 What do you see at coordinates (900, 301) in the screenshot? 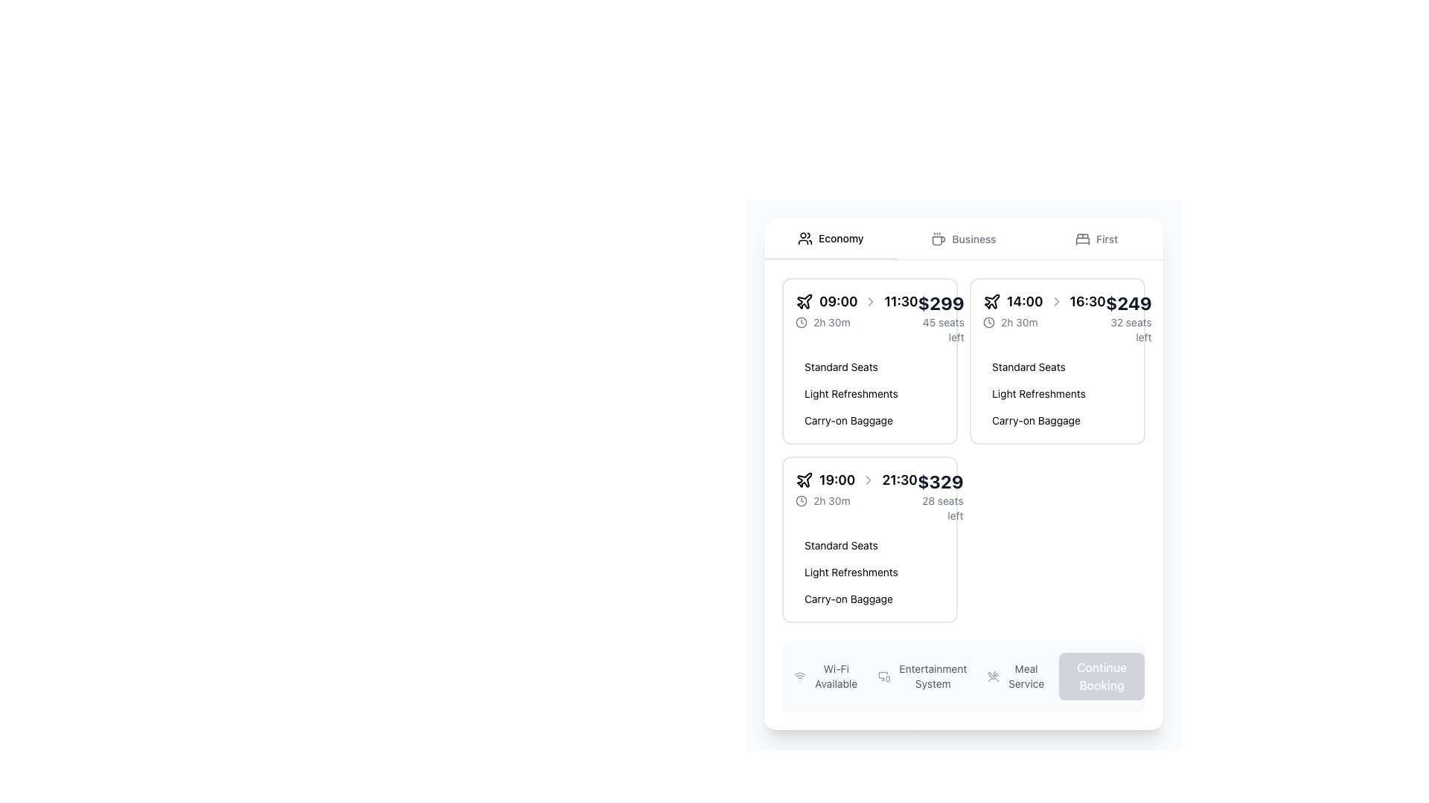
I see `the text element displaying the time '11:30' in black font on a white background, which is part of a flight information card and located to the right of the '09:00' time element` at bounding box center [900, 301].